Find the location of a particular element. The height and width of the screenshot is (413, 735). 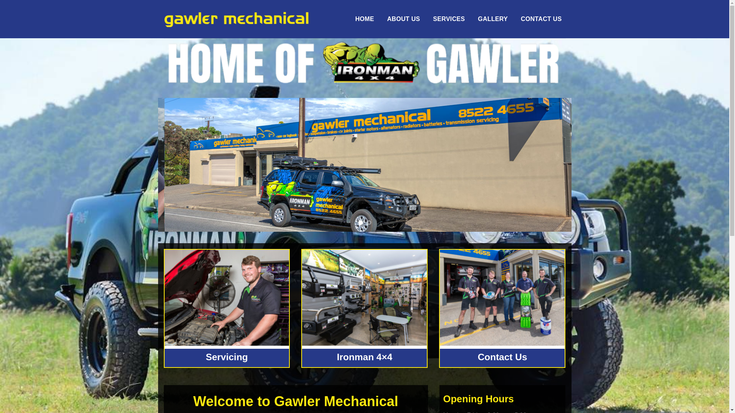

'Servicing' is located at coordinates (206, 357).